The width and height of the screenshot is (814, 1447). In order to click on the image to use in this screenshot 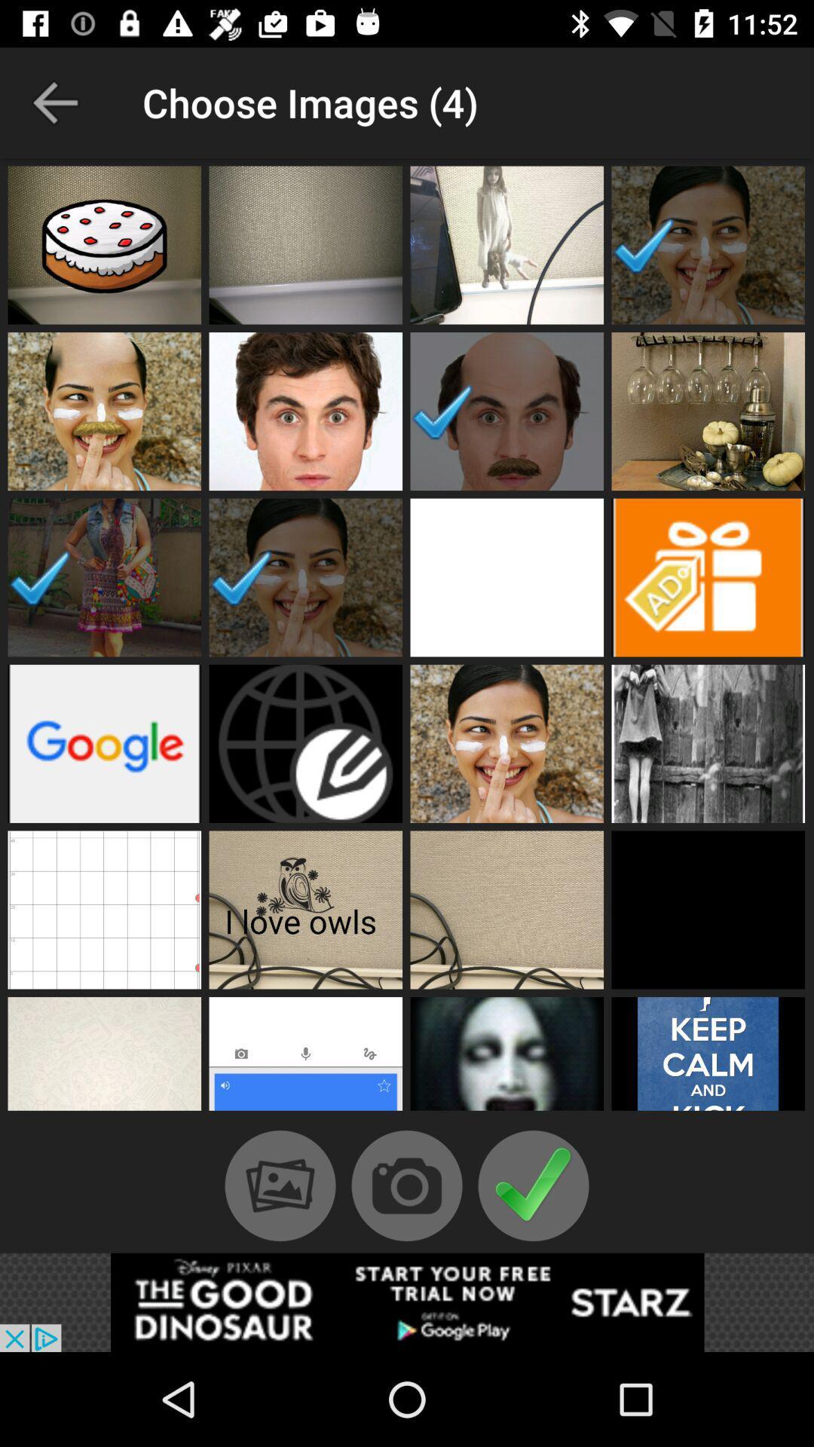, I will do `click(708, 577)`.